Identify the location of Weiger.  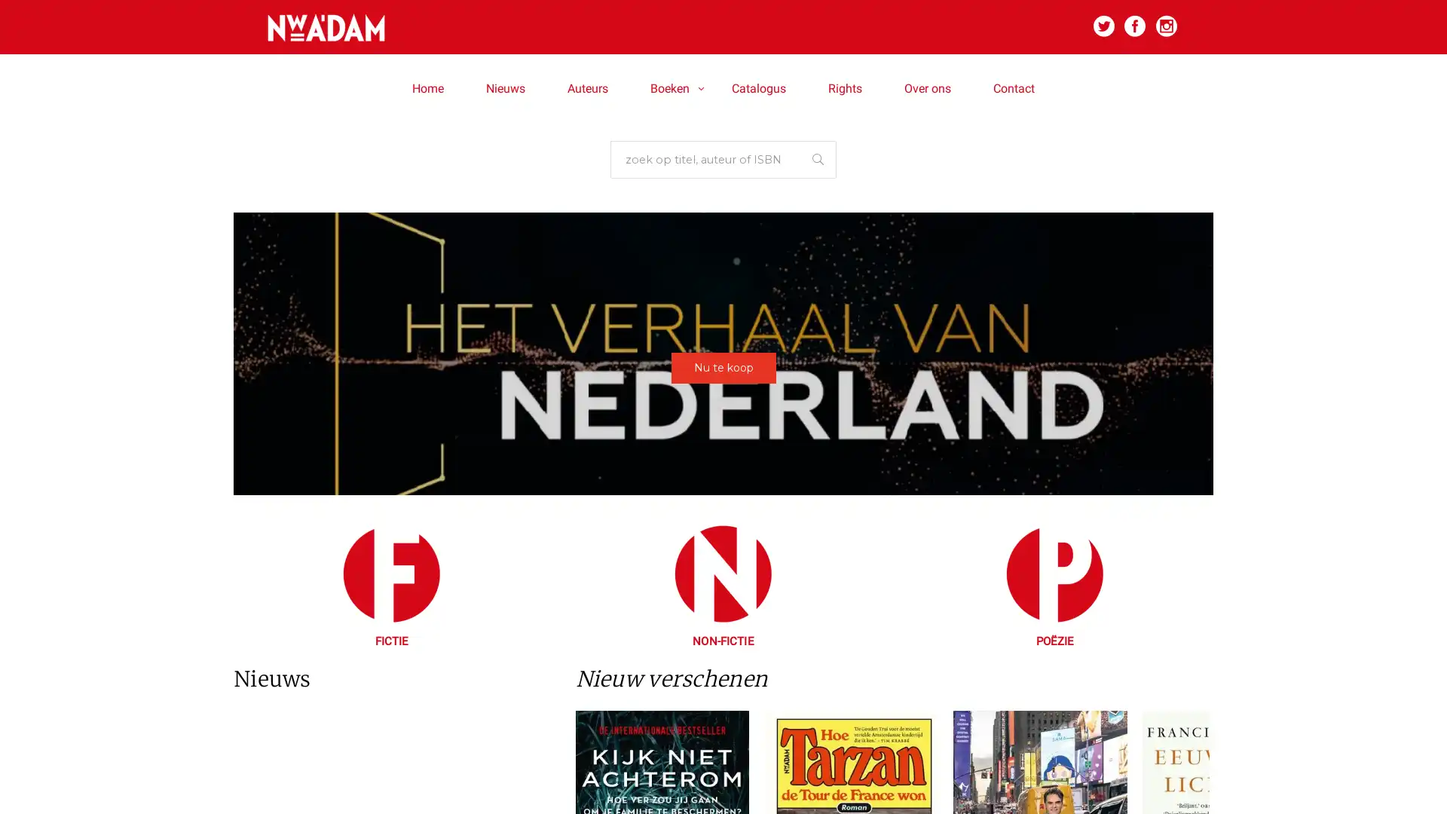
(722, 461).